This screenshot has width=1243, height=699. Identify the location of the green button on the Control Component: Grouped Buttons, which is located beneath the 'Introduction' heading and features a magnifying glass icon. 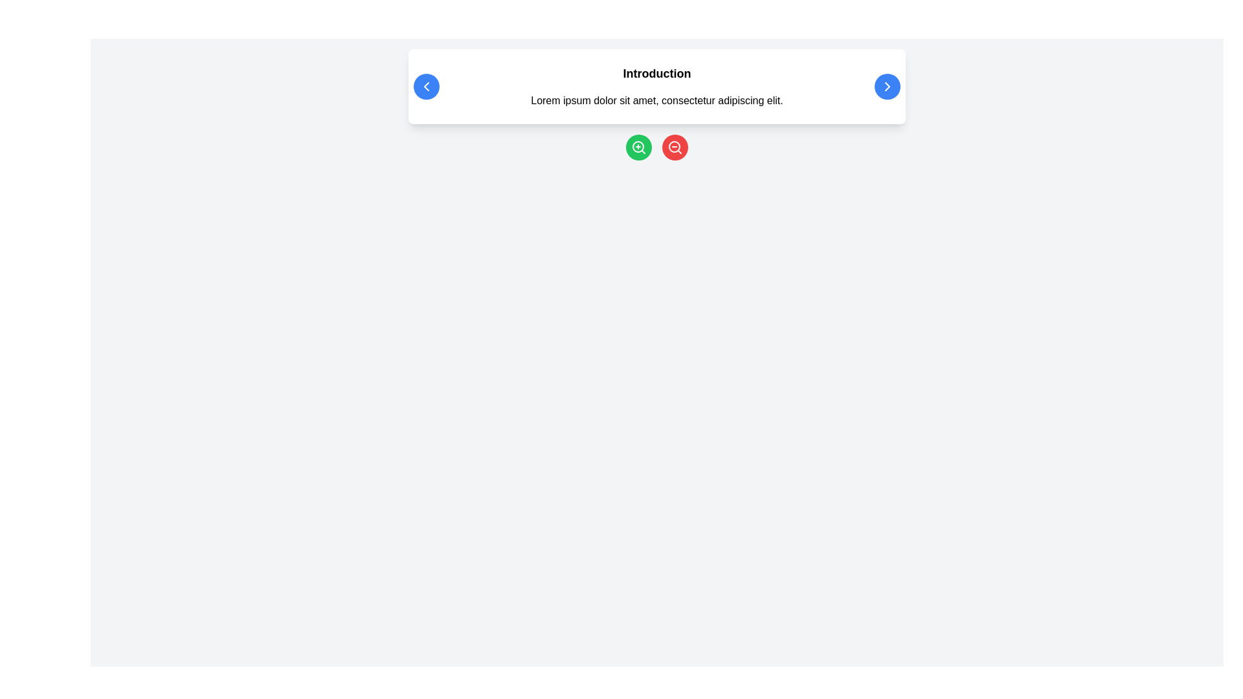
(656, 146).